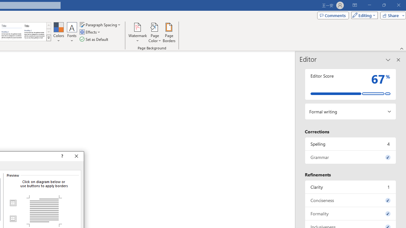 This screenshot has width=406, height=228. Describe the element at coordinates (13, 218) in the screenshot. I see `'Bottom Border'` at that location.